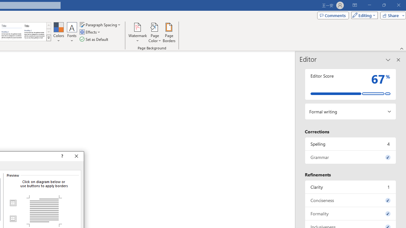 This screenshot has width=406, height=228. Describe the element at coordinates (13, 218) in the screenshot. I see `'Bottom Border'` at that location.